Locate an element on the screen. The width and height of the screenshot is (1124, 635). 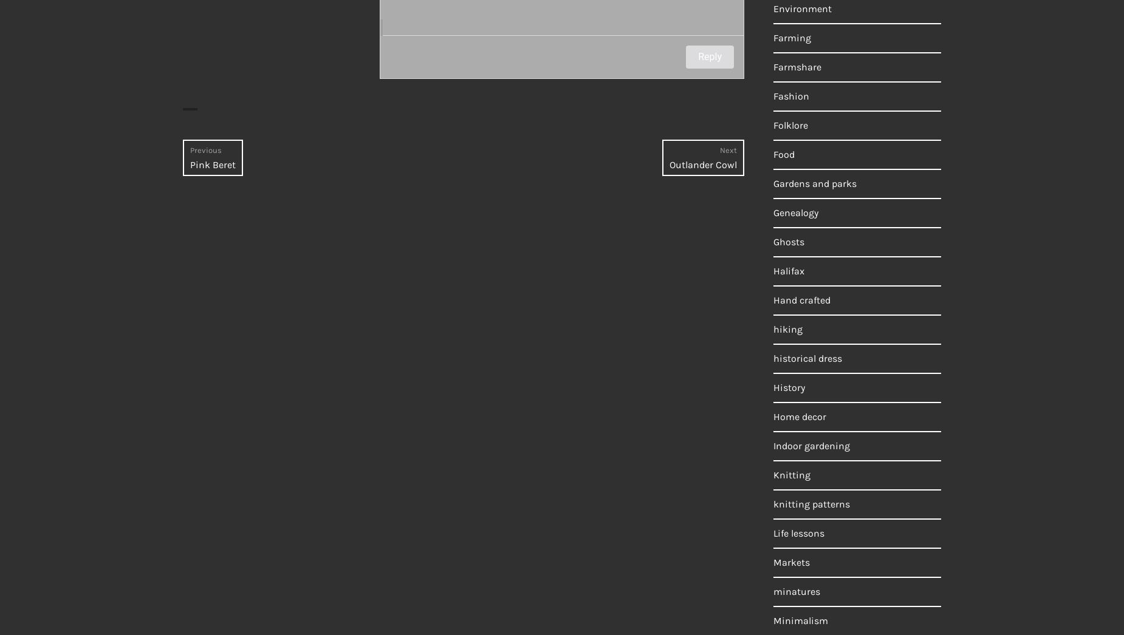
'Life lessons' is located at coordinates (798, 532).